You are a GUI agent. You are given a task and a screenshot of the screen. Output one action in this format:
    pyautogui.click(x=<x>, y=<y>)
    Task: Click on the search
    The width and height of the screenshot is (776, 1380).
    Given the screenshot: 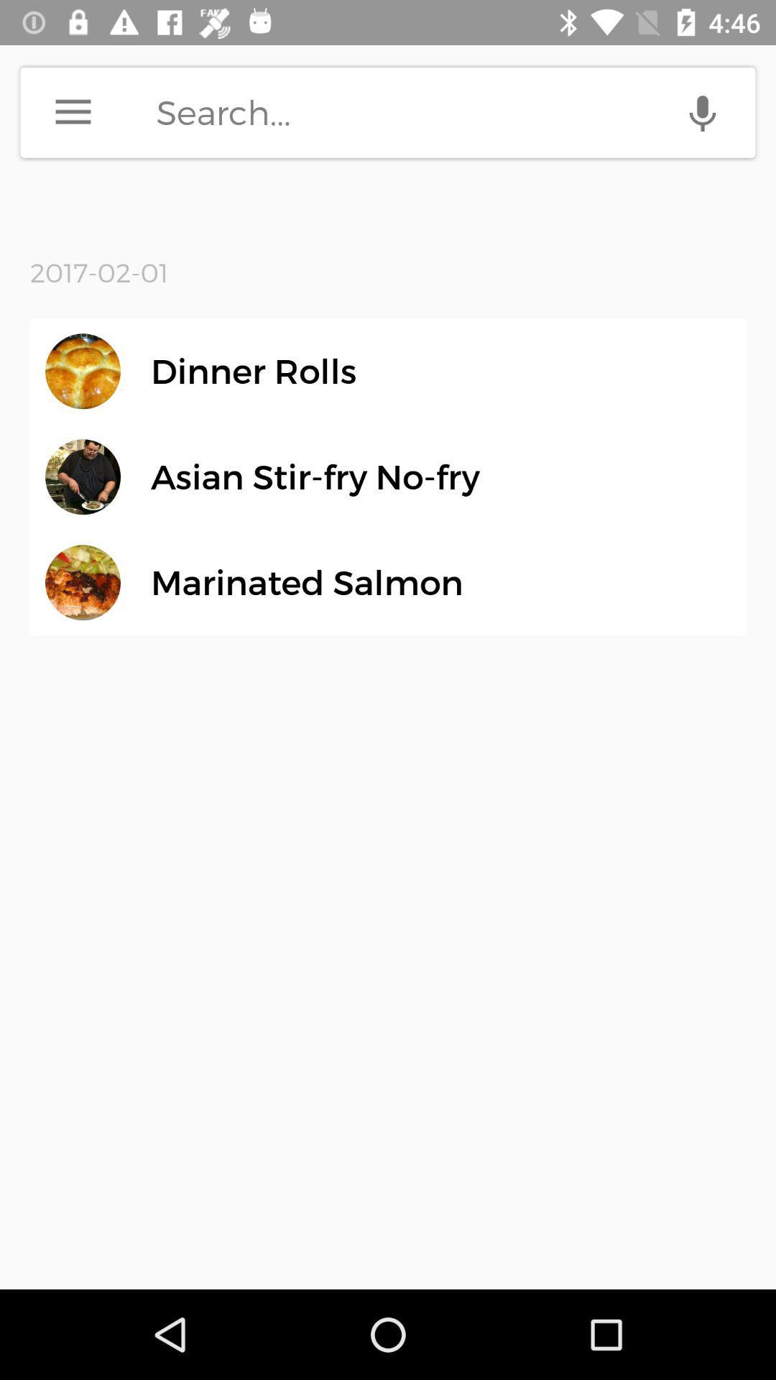 What is the action you would take?
    pyautogui.click(x=456, y=111)
    